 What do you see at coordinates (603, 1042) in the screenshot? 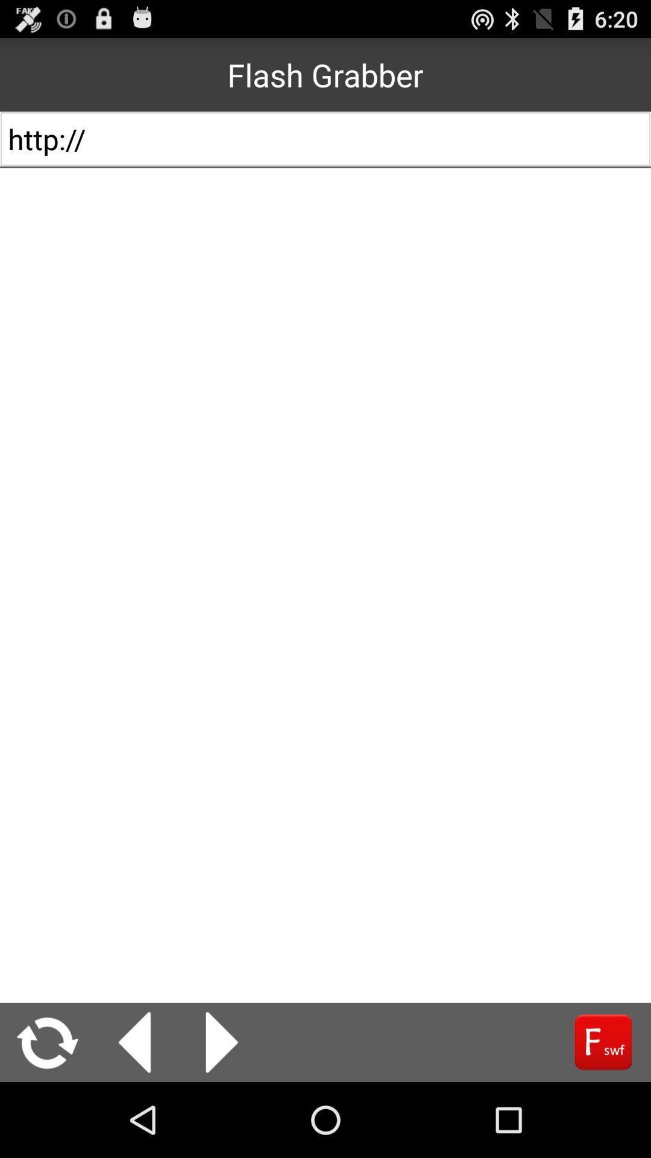
I see `go forward` at bounding box center [603, 1042].